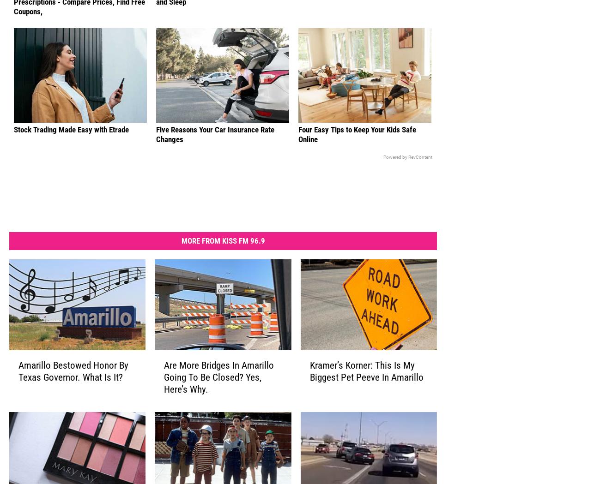  I want to click on 'Are More Bridges In Amarillo Going To Be Closed? Yes, Here’s Why.', so click(218, 391).